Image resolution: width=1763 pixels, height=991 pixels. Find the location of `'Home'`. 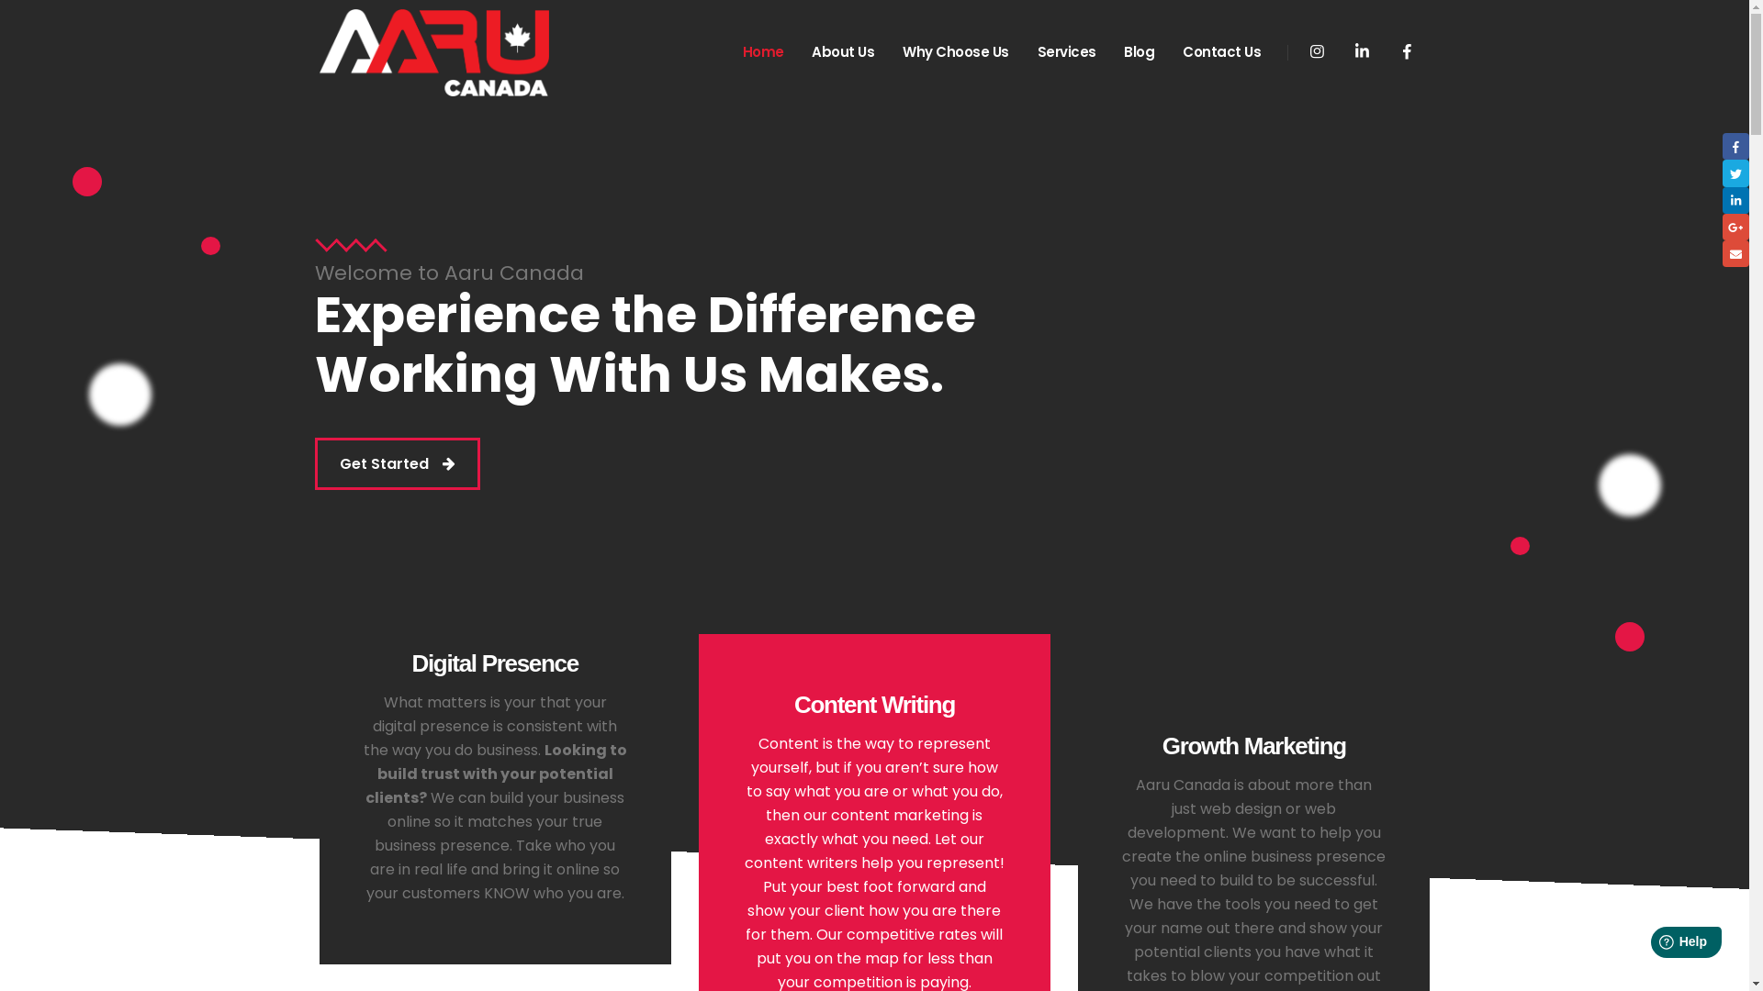

'Home' is located at coordinates (727, 51).